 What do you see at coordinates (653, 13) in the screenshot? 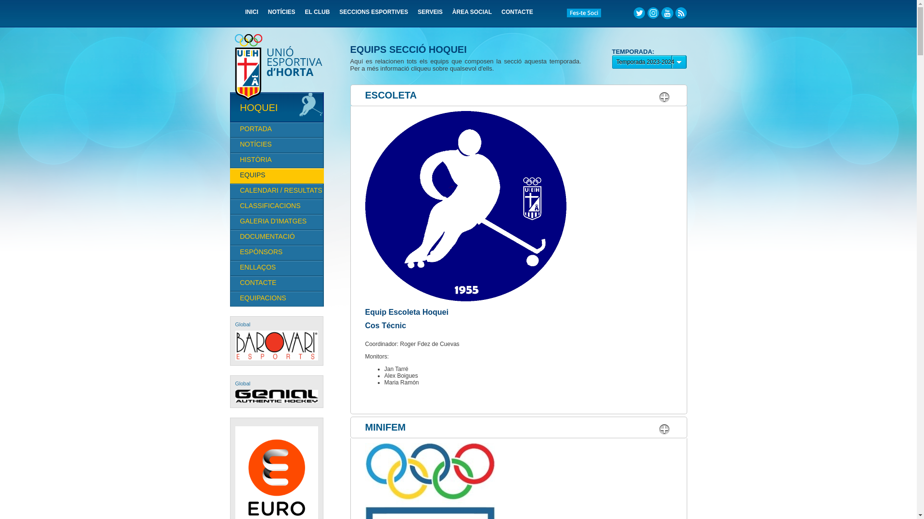
I see `'Conectar al Instagram de la UE Horta'` at bounding box center [653, 13].